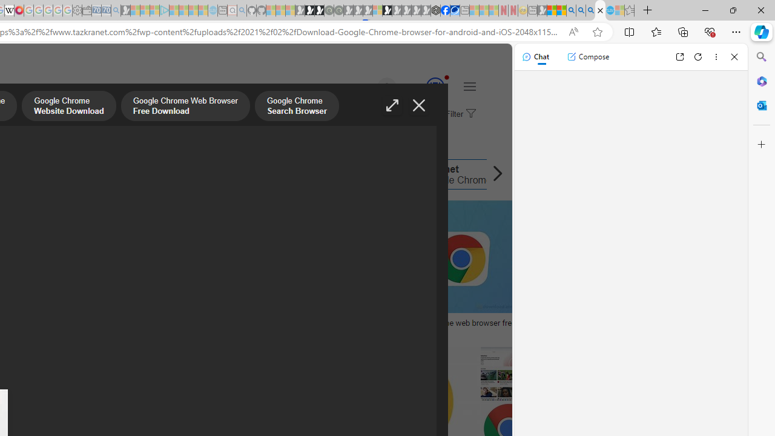  What do you see at coordinates (454, 10) in the screenshot?
I see `'AirNow.gov'` at bounding box center [454, 10].